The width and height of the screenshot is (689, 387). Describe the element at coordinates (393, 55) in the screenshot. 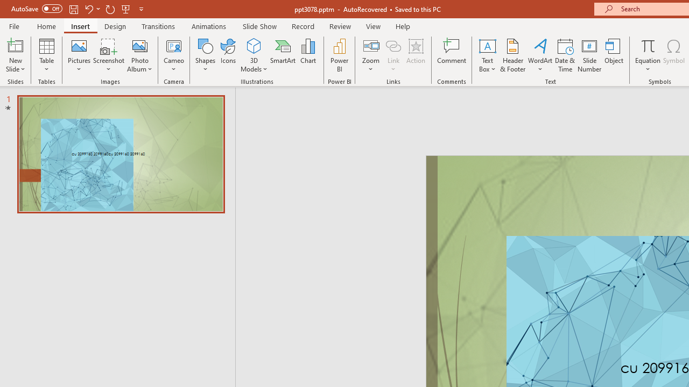

I see `'Link'` at that location.